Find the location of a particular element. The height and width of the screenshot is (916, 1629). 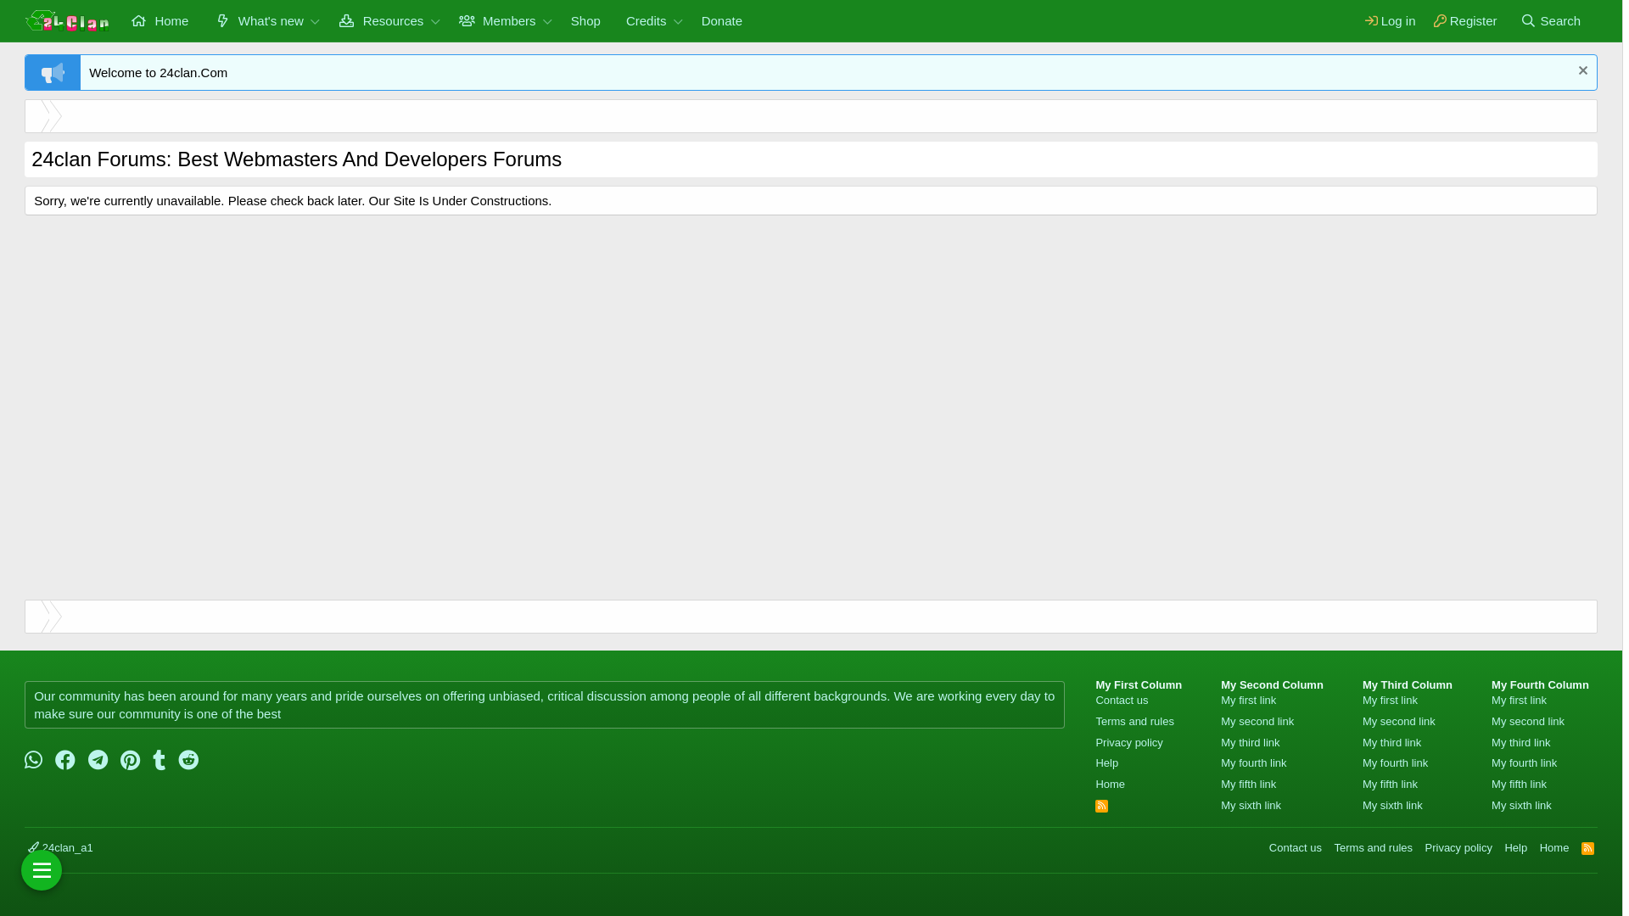

'Shop' is located at coordinates (585, 20).